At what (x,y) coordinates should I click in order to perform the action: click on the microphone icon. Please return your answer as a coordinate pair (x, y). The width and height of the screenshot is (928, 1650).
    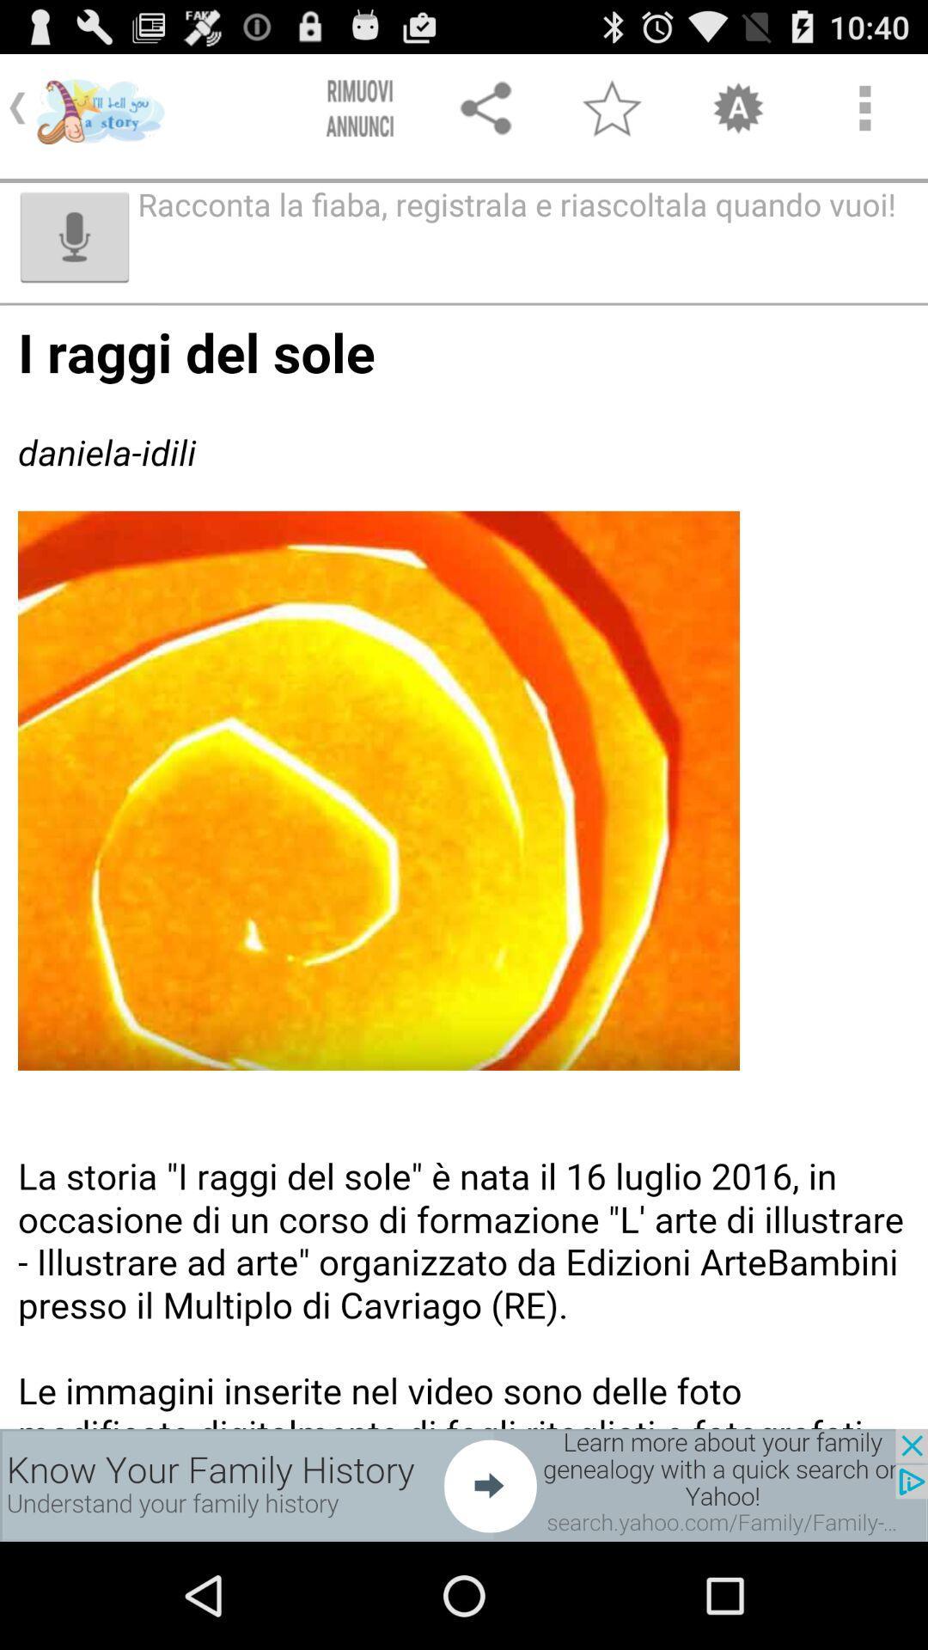
    Looking at the image, I should click on (74, 253).